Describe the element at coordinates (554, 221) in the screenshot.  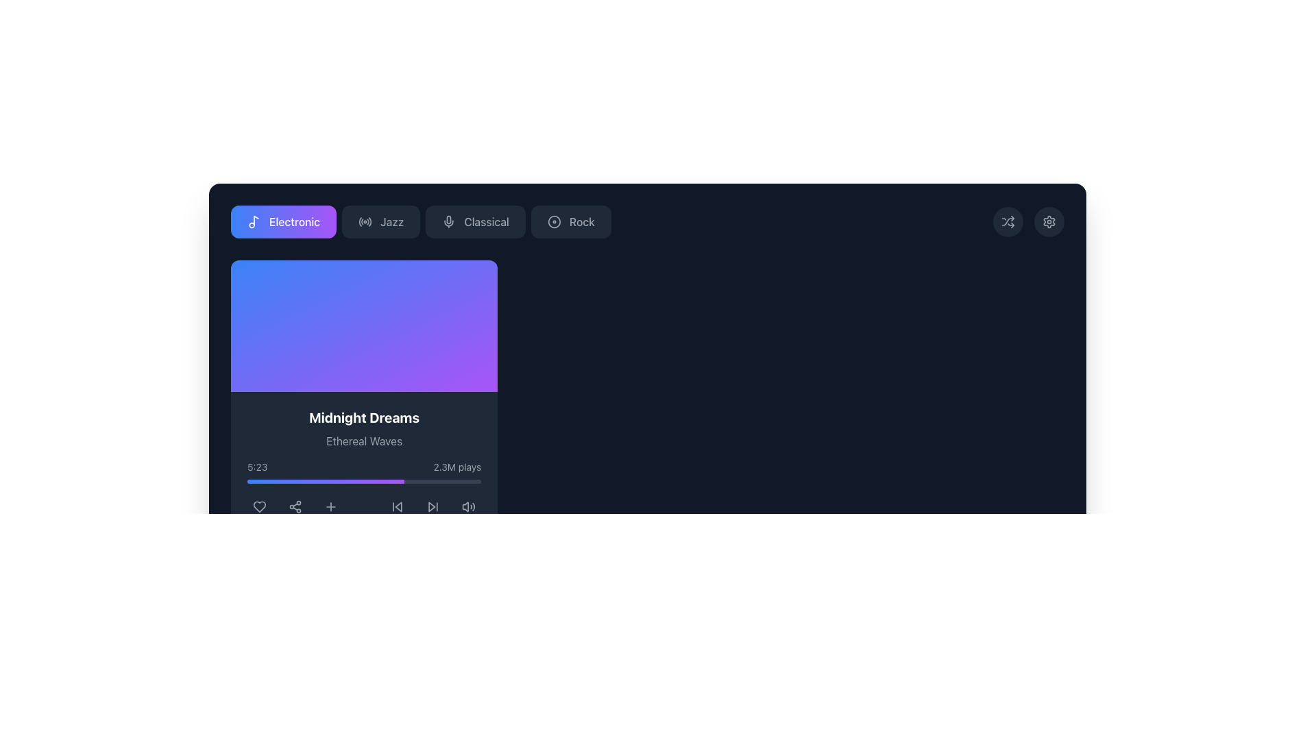
I see `the circular icon resembling a disc that is part of the 'Rock' button, located on the top right section of the button row` at that location.